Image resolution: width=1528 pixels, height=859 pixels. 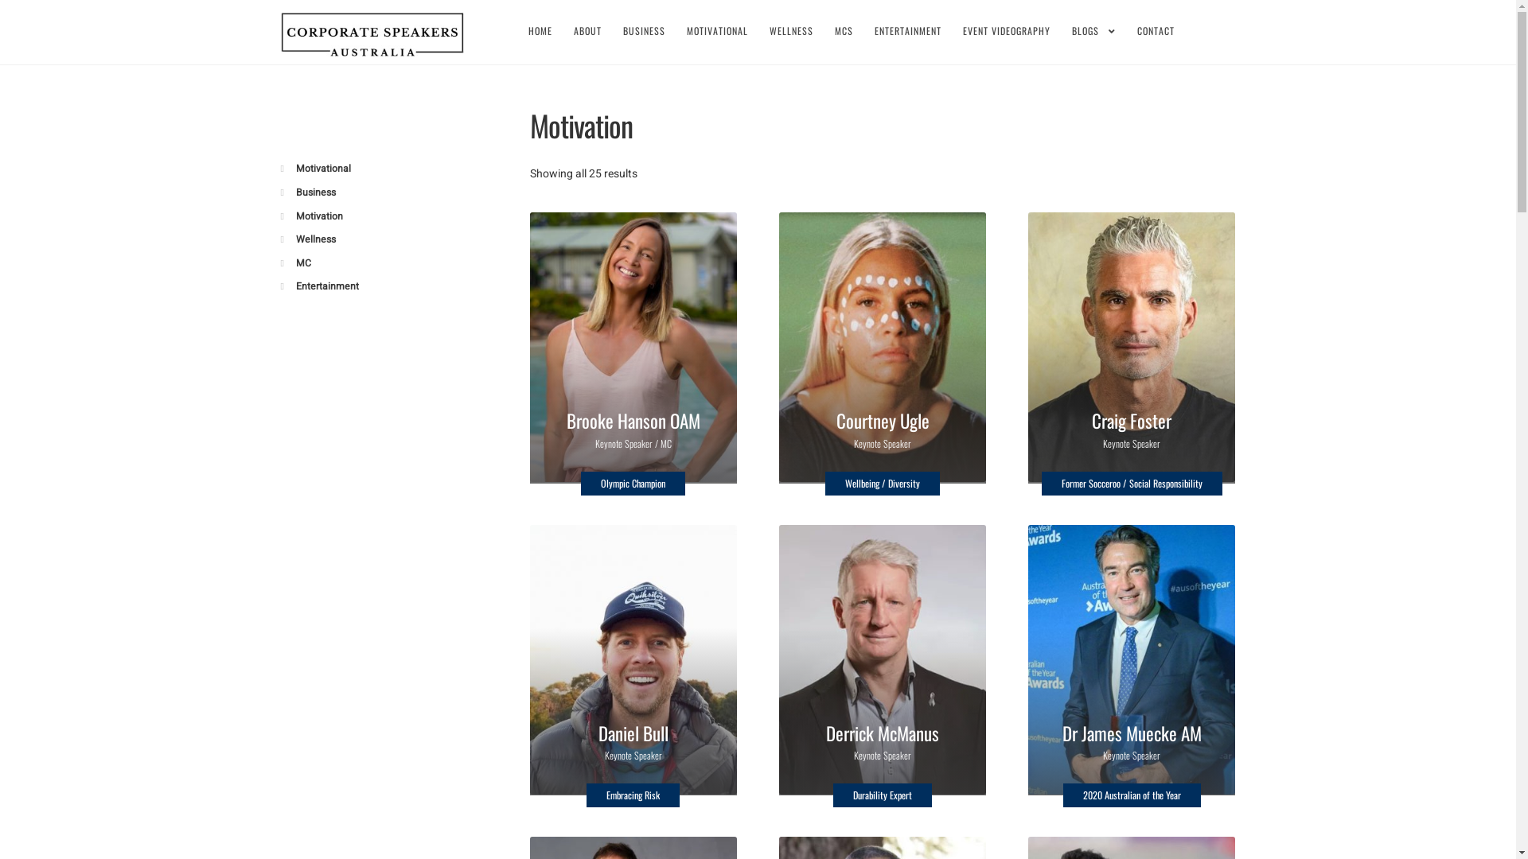 What do you see at coordinates (779, 346) in the screenshot?
I see `'Courtney Ugle` at bounding box center [779, 346].